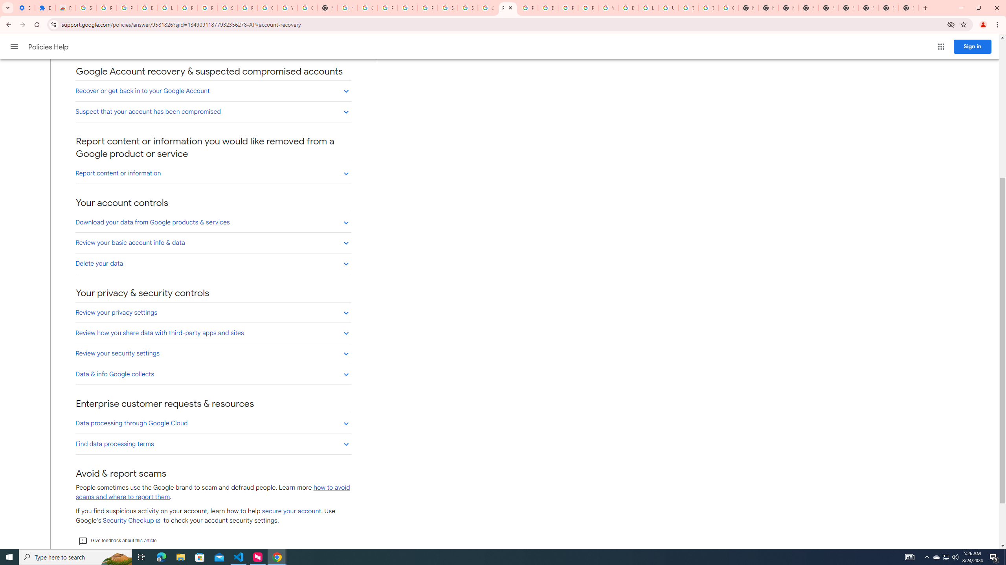  What do you see at coordinates (147, 7) in the screenshot?
I see `'Delete photos & videos - Computer - Google Photos Help'` at bounding box center [147, 7].